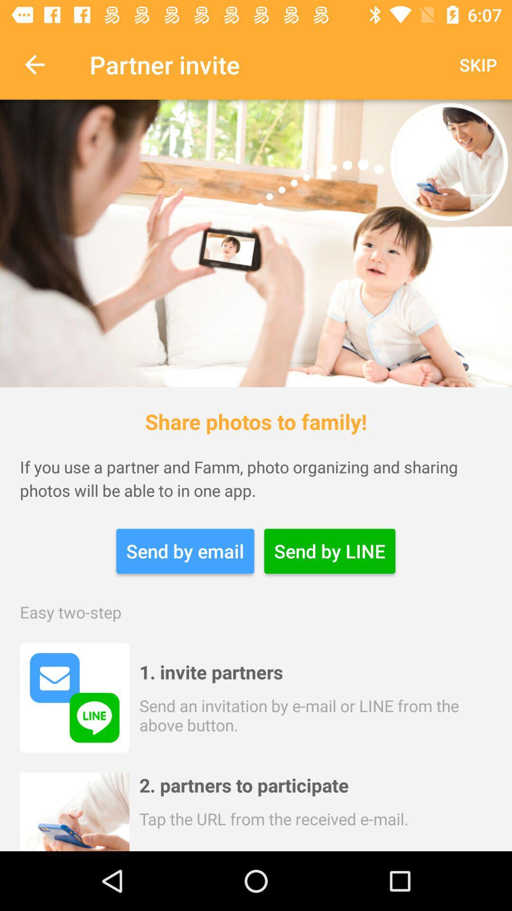 This screenshot has height=911, width=512. I want to click on icon to the right of partner invite item, so click(478, 64).